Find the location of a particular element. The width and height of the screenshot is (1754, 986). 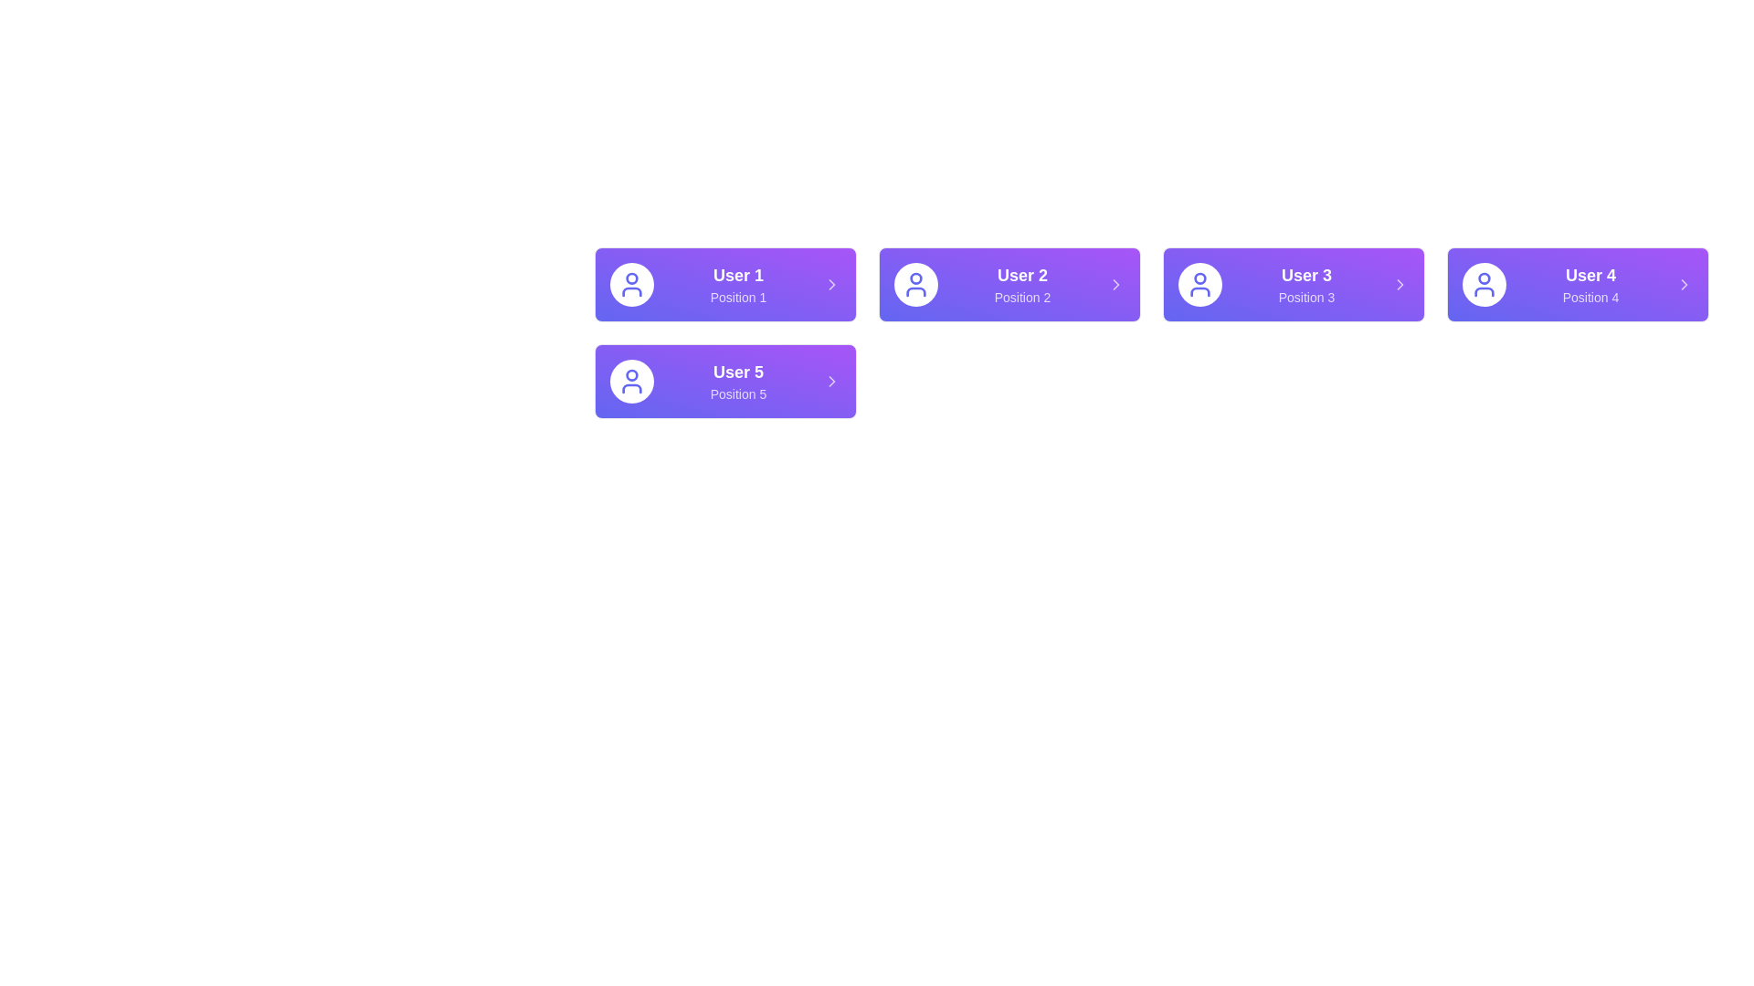

the static text label indicating position number '5' associated with 'User 5', located at the bottom of the card in the bottom left section of the grid of five cards is located at coordinates (738, 393).